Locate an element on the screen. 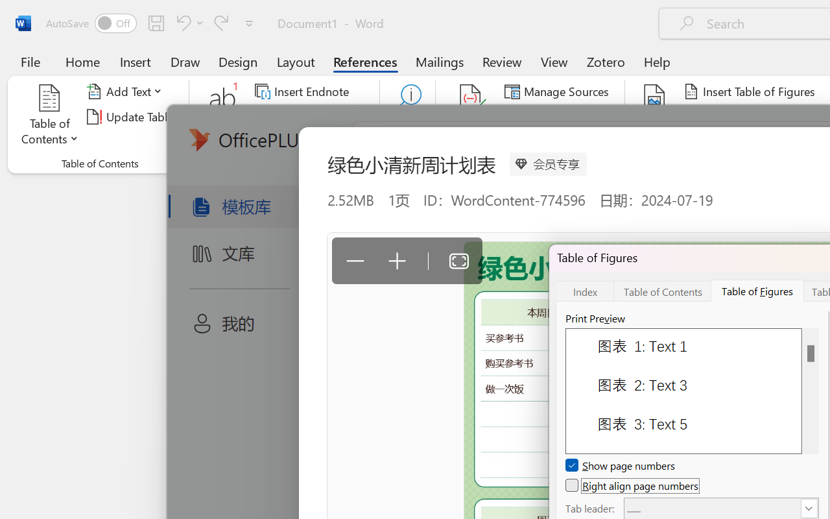 This screenshot has height=519, width=830. 'Show page numbers' is located at coordinates (621, 465).